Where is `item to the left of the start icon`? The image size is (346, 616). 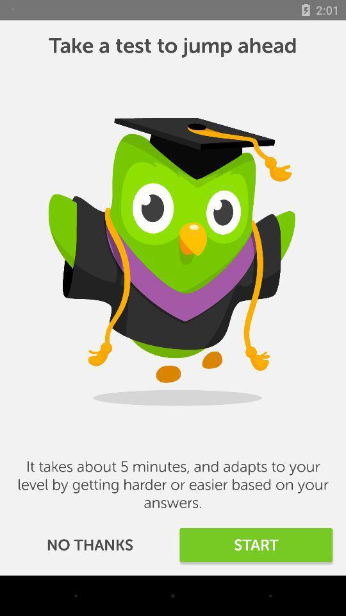 item to the left of the start icon is located at coordinates (89, 544).